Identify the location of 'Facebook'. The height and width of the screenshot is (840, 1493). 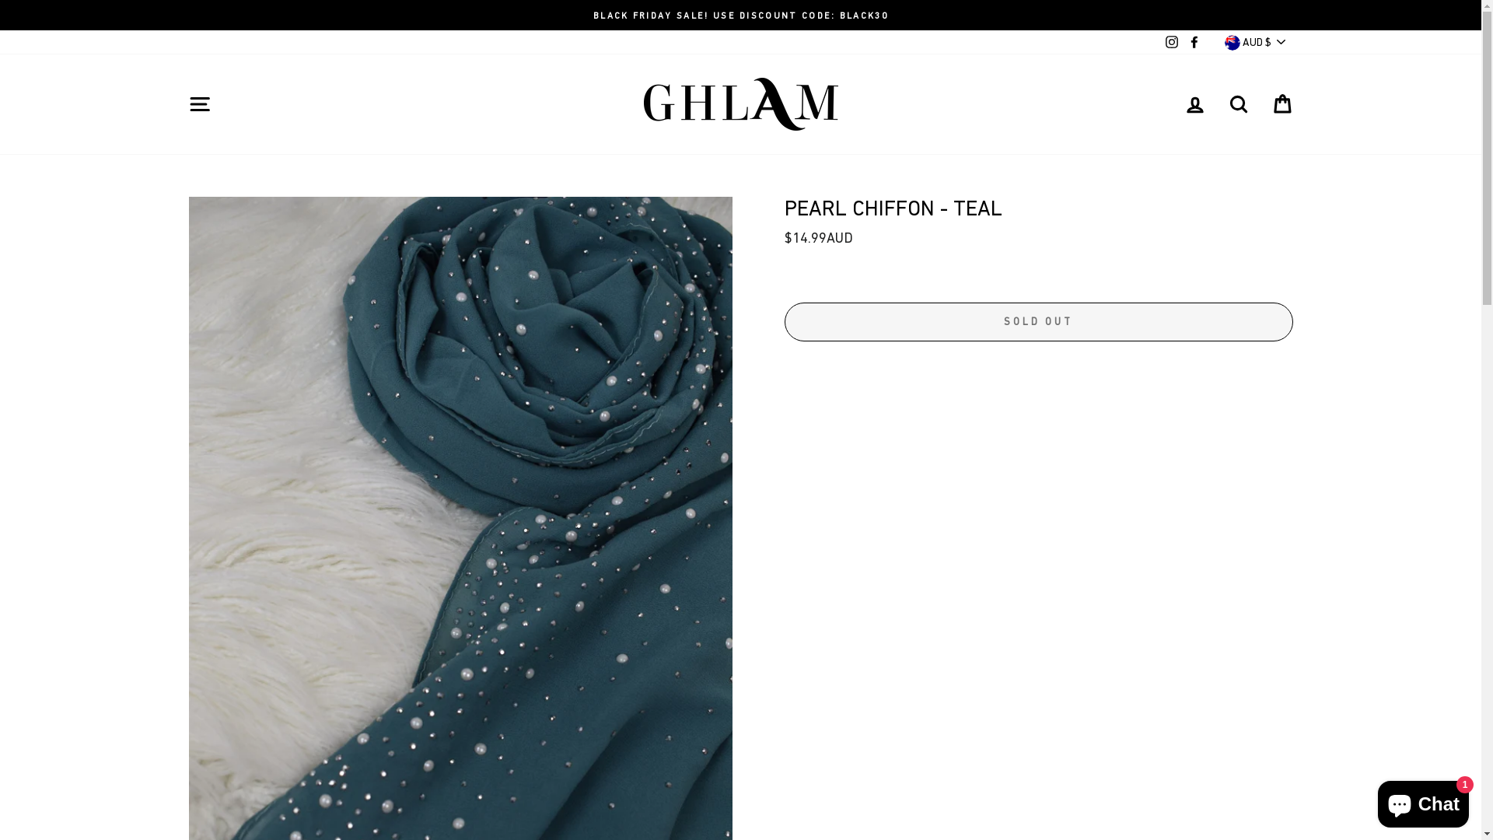
(1193, 41).